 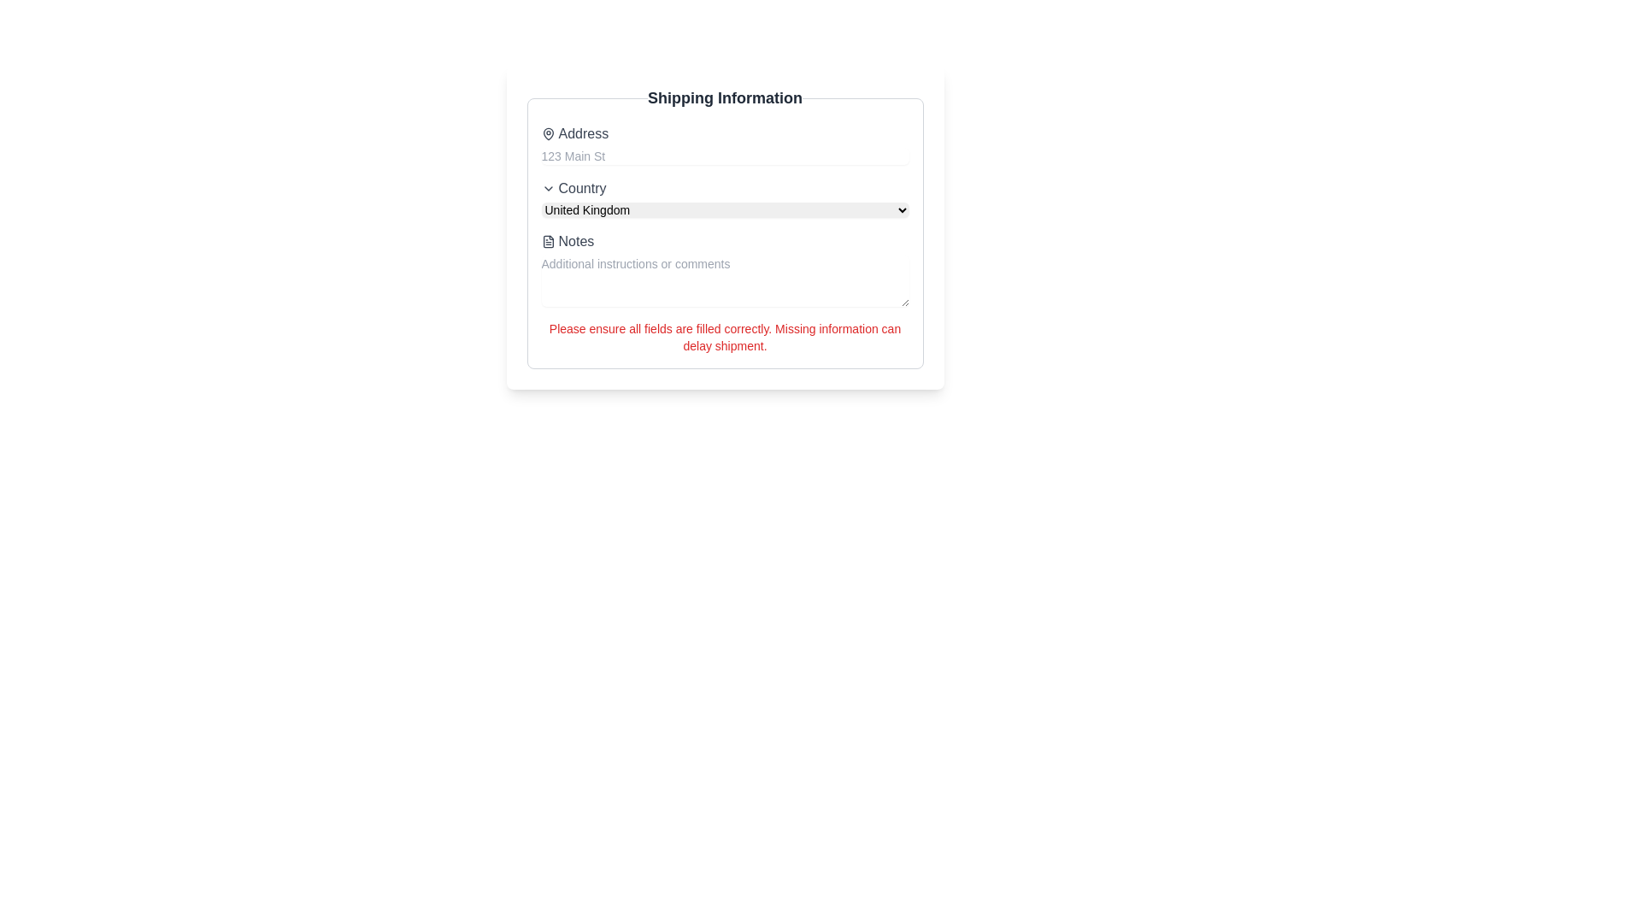 I want to click on text from the Text Label located in the 'Shipping Information' section, which informs users of missing or incorrect inputs in the form, so click(x=725, y=337).